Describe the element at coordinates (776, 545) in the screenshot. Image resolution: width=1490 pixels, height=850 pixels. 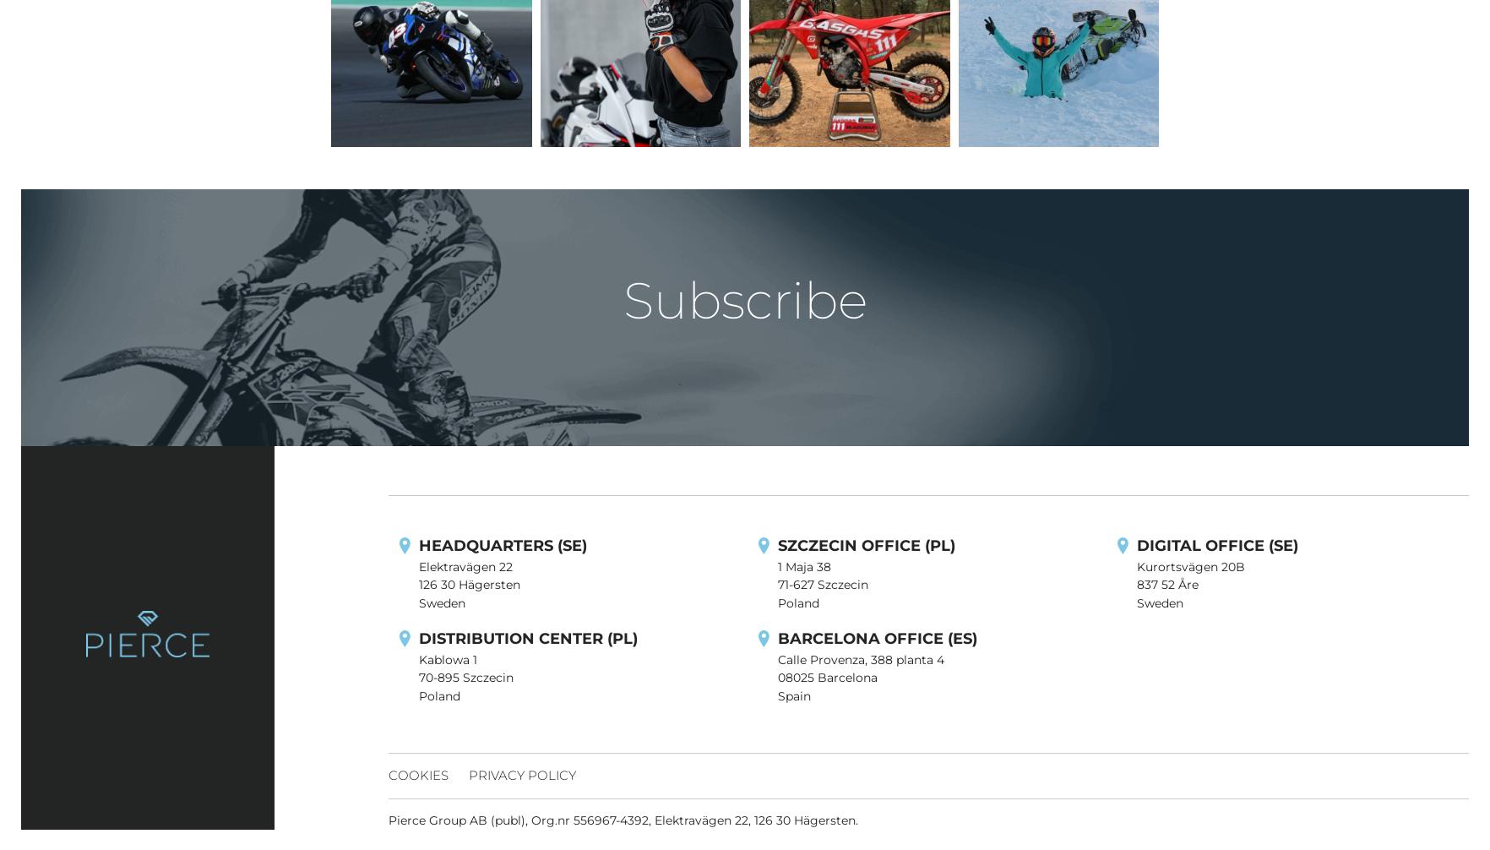
I see `'SZCZECIN OFFICE (PL)'` at that location.